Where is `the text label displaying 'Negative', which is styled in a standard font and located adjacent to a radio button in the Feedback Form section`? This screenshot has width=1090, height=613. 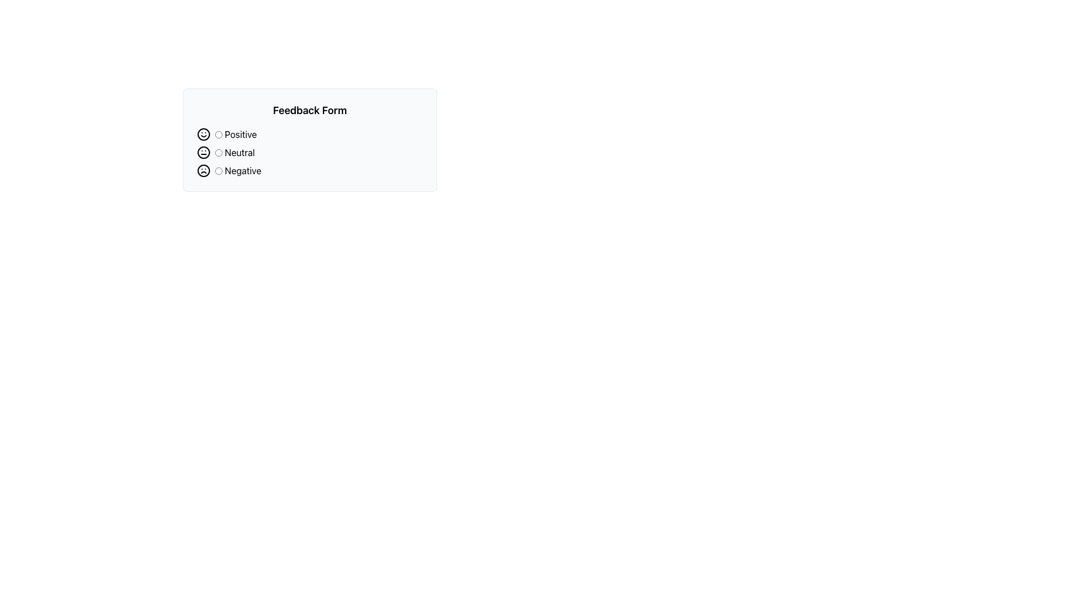
the text label displaying 'Negative', which is styled in a standard font and located adjacent to a radio button in the Feedback Form section is located at coordinates (242, 170).